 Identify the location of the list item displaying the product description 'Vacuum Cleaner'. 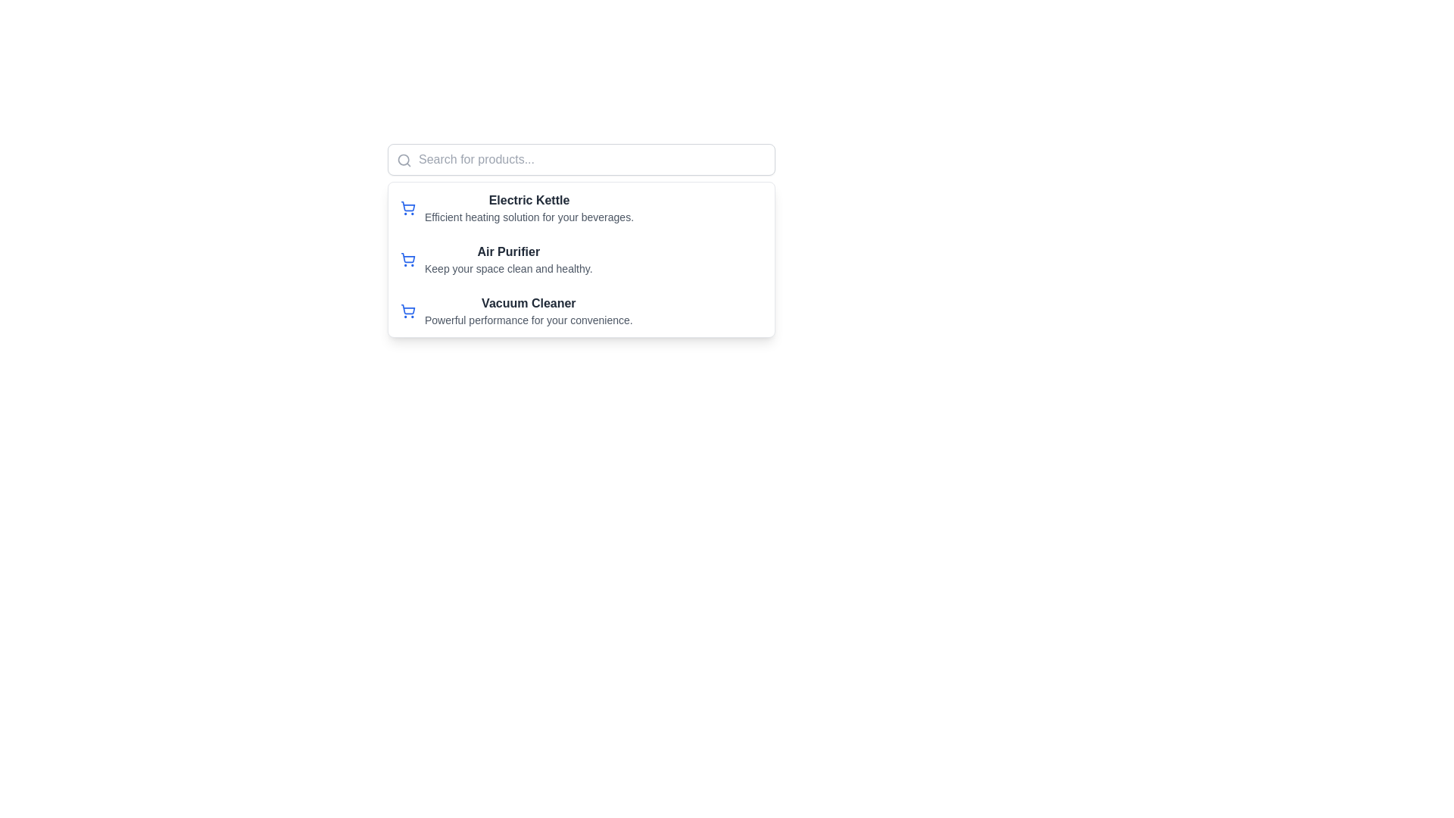
(581, 311).